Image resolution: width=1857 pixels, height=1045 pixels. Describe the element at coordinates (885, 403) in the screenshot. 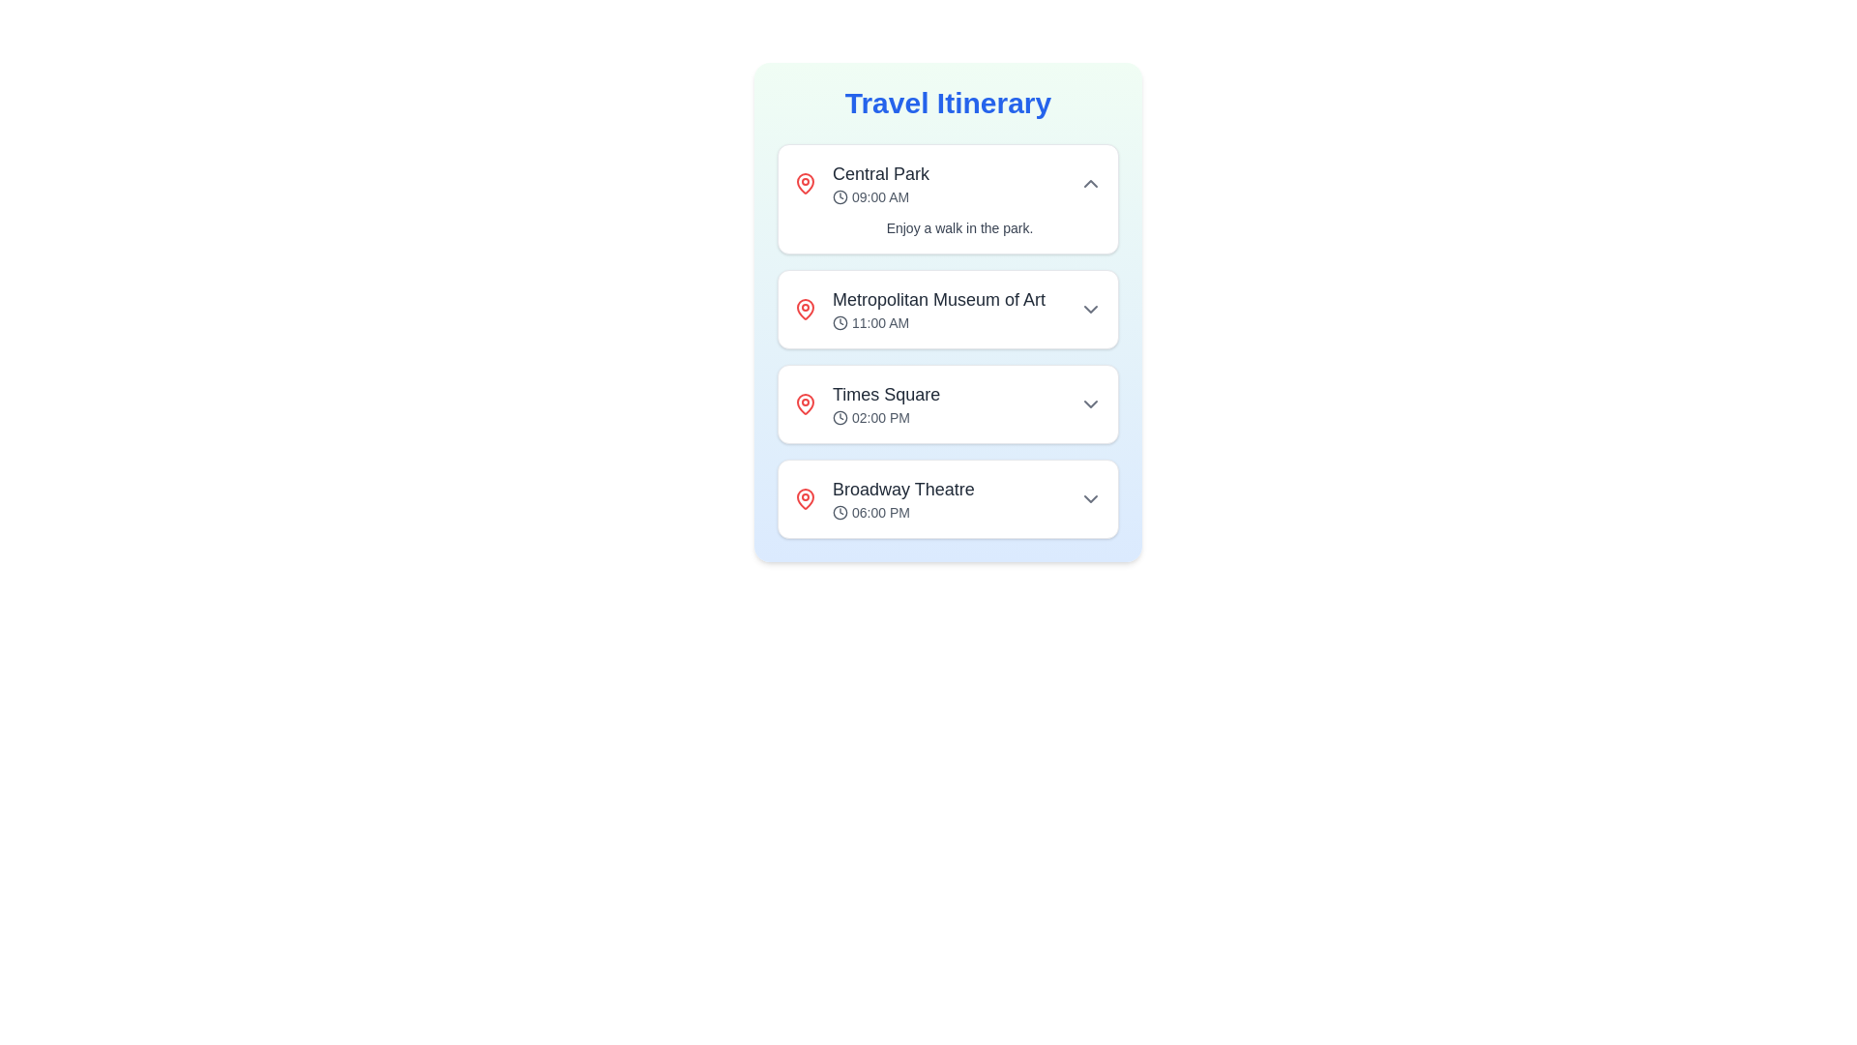

I see `the text element displaying 'Times Square' at 02:00 PM, which is located in the third item of a vertically listed itinerary` at that location.